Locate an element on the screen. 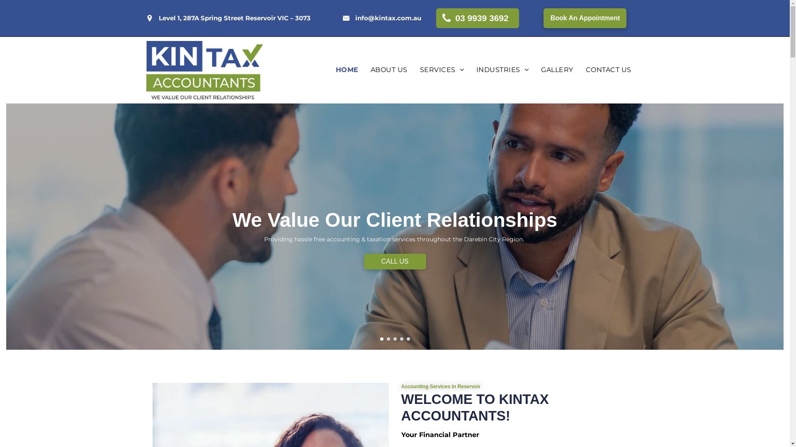 The width and height of the screenshot is (796, 447). 'Kintax Accountants' is located at coordinates (204, 70).